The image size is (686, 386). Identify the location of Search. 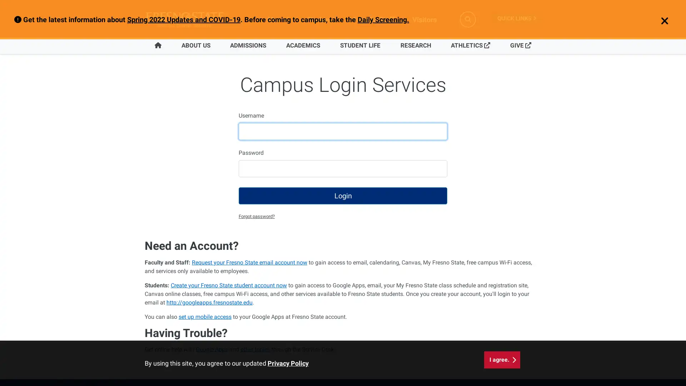
(468, 19).